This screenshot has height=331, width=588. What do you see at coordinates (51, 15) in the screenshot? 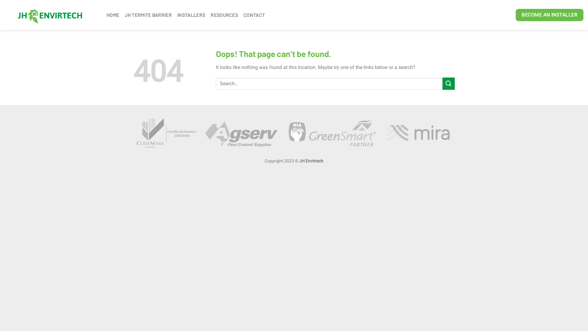
I see `'JH Envirtech - Termite Barrier System'` at bounding box center [51, 15].